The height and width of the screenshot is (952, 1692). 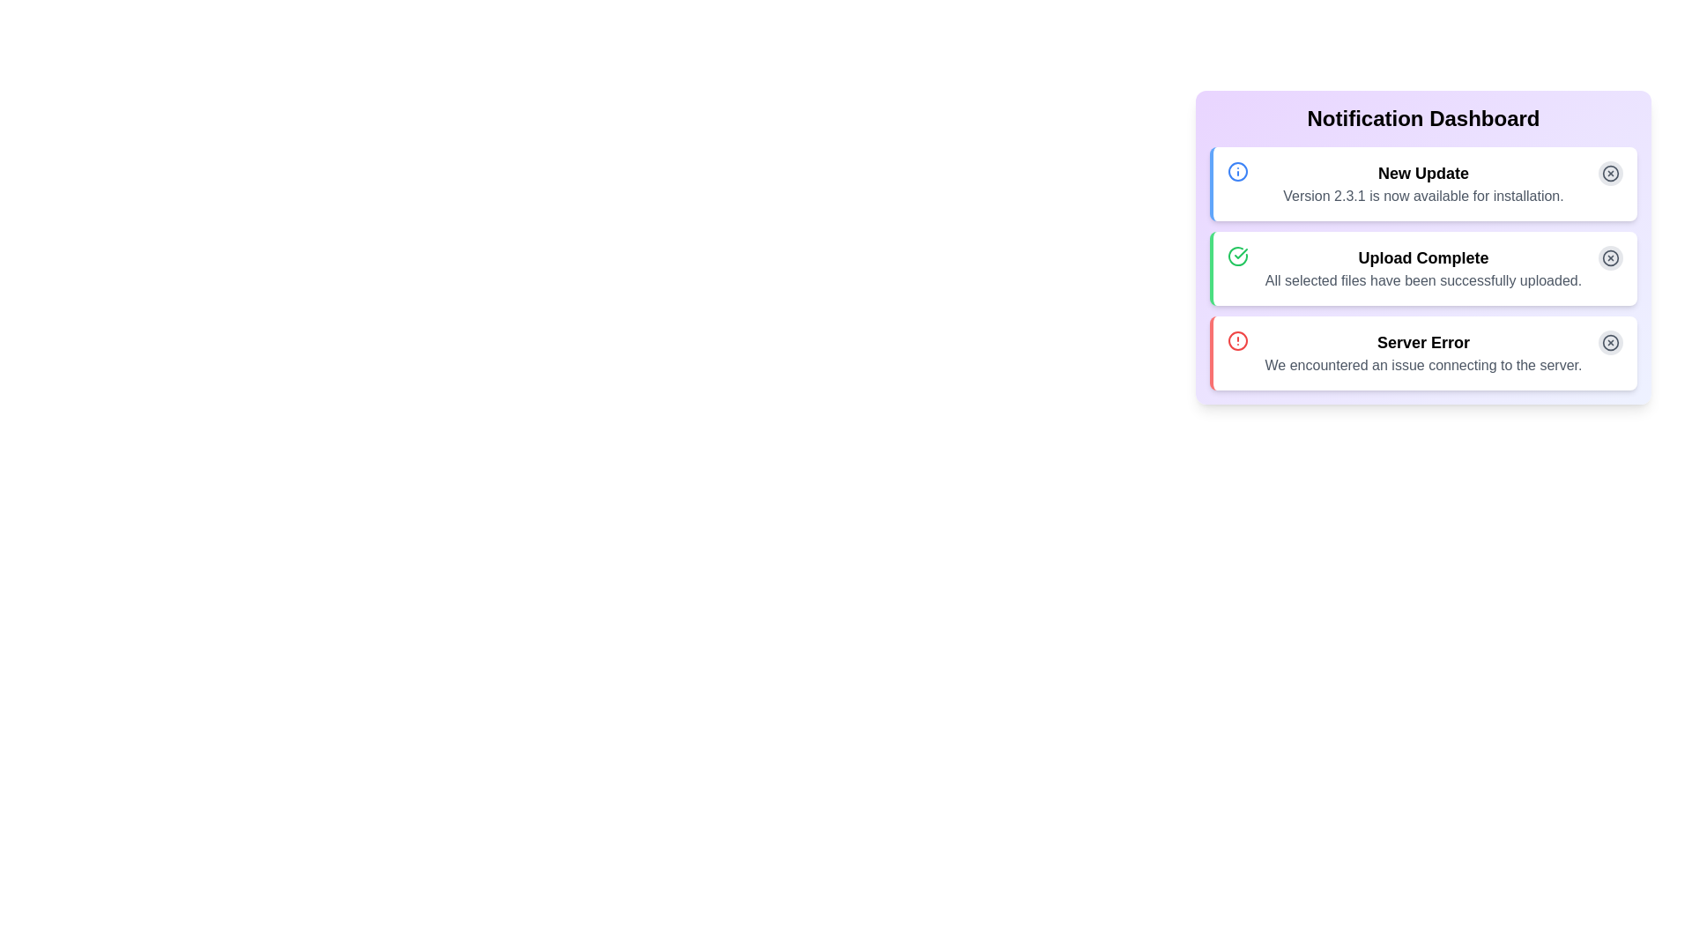 I want to click on the circular icon button with a gray cross symbol located next to the 'New Update' header, so click(x=1611, y=173).